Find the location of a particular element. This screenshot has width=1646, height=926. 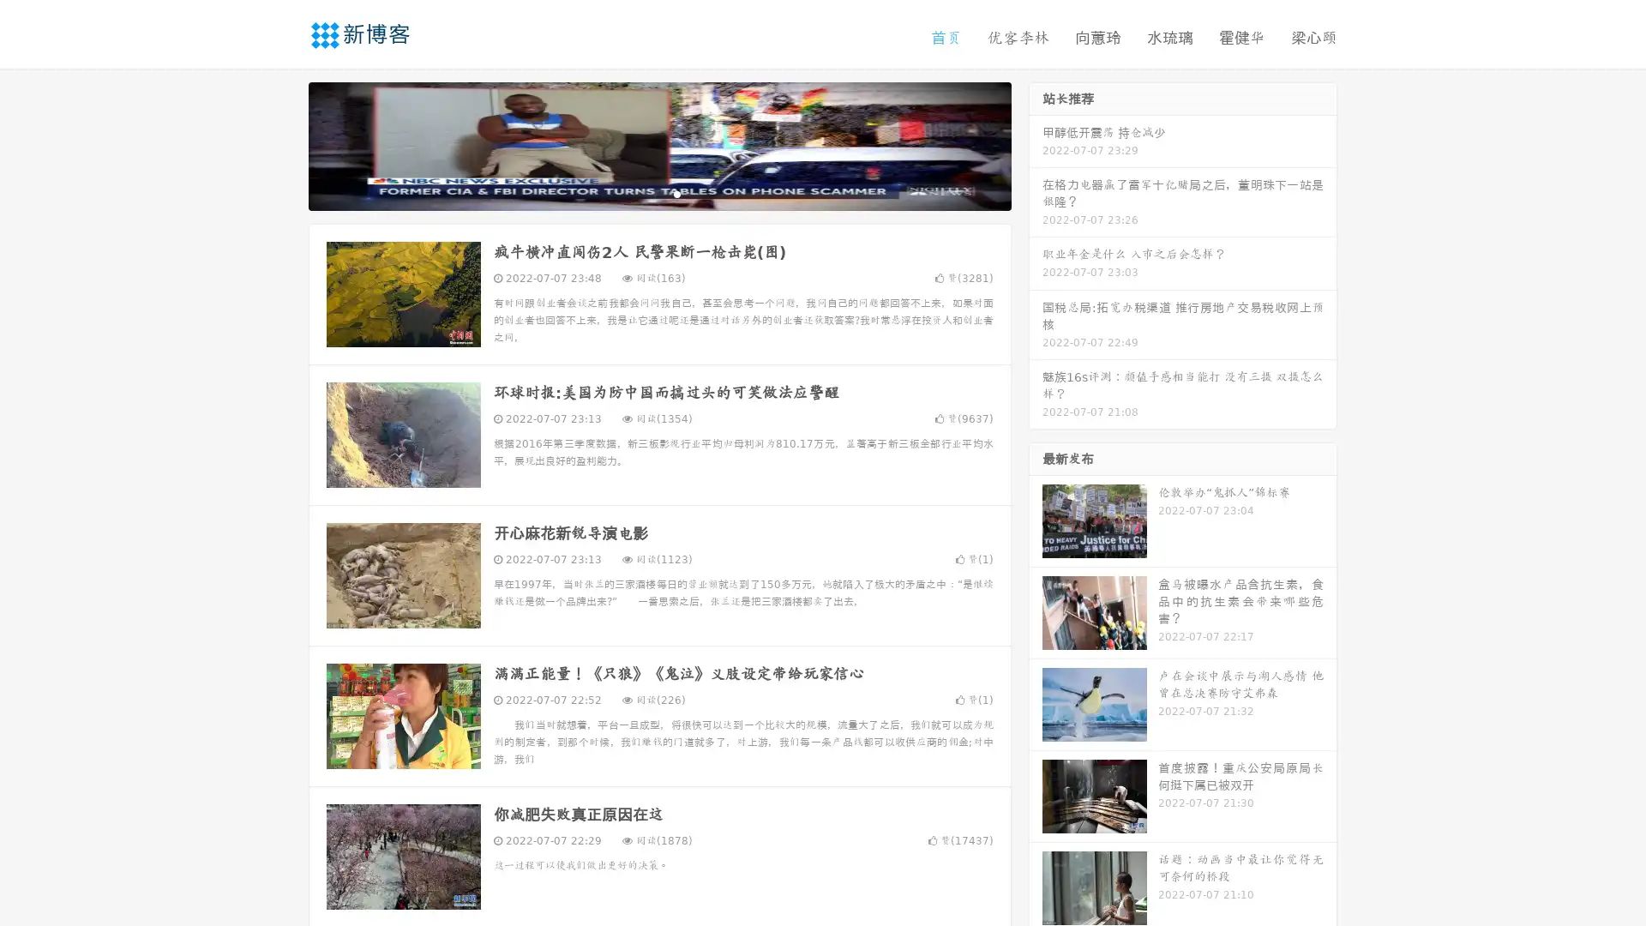

Go to slide 1 is located at coordinates (641, 193).